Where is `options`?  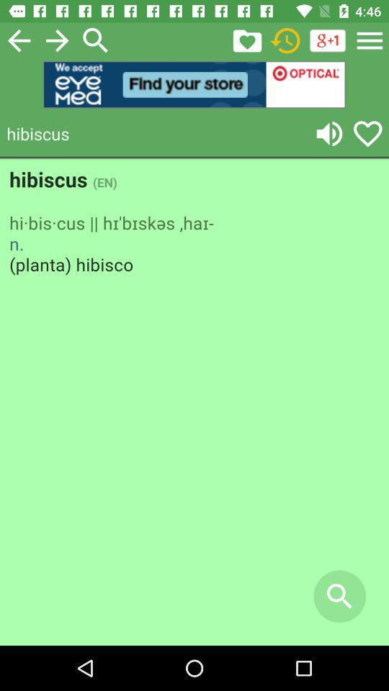
options is located at coordinates (370, 40).